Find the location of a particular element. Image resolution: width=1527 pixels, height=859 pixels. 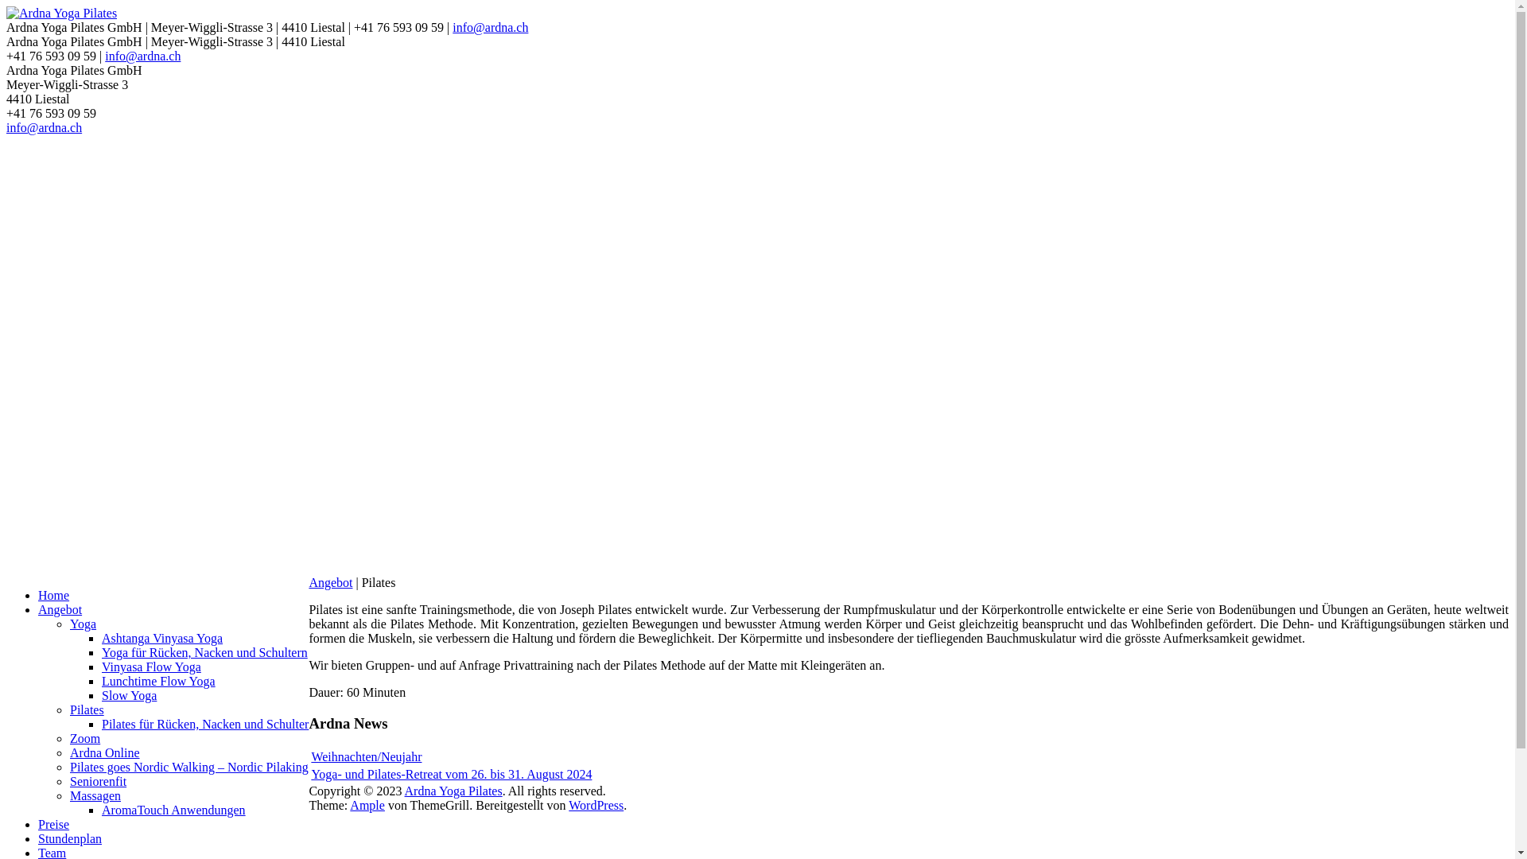

'Vinyasa Flow Yoga' is located at coordinates (101, 667).